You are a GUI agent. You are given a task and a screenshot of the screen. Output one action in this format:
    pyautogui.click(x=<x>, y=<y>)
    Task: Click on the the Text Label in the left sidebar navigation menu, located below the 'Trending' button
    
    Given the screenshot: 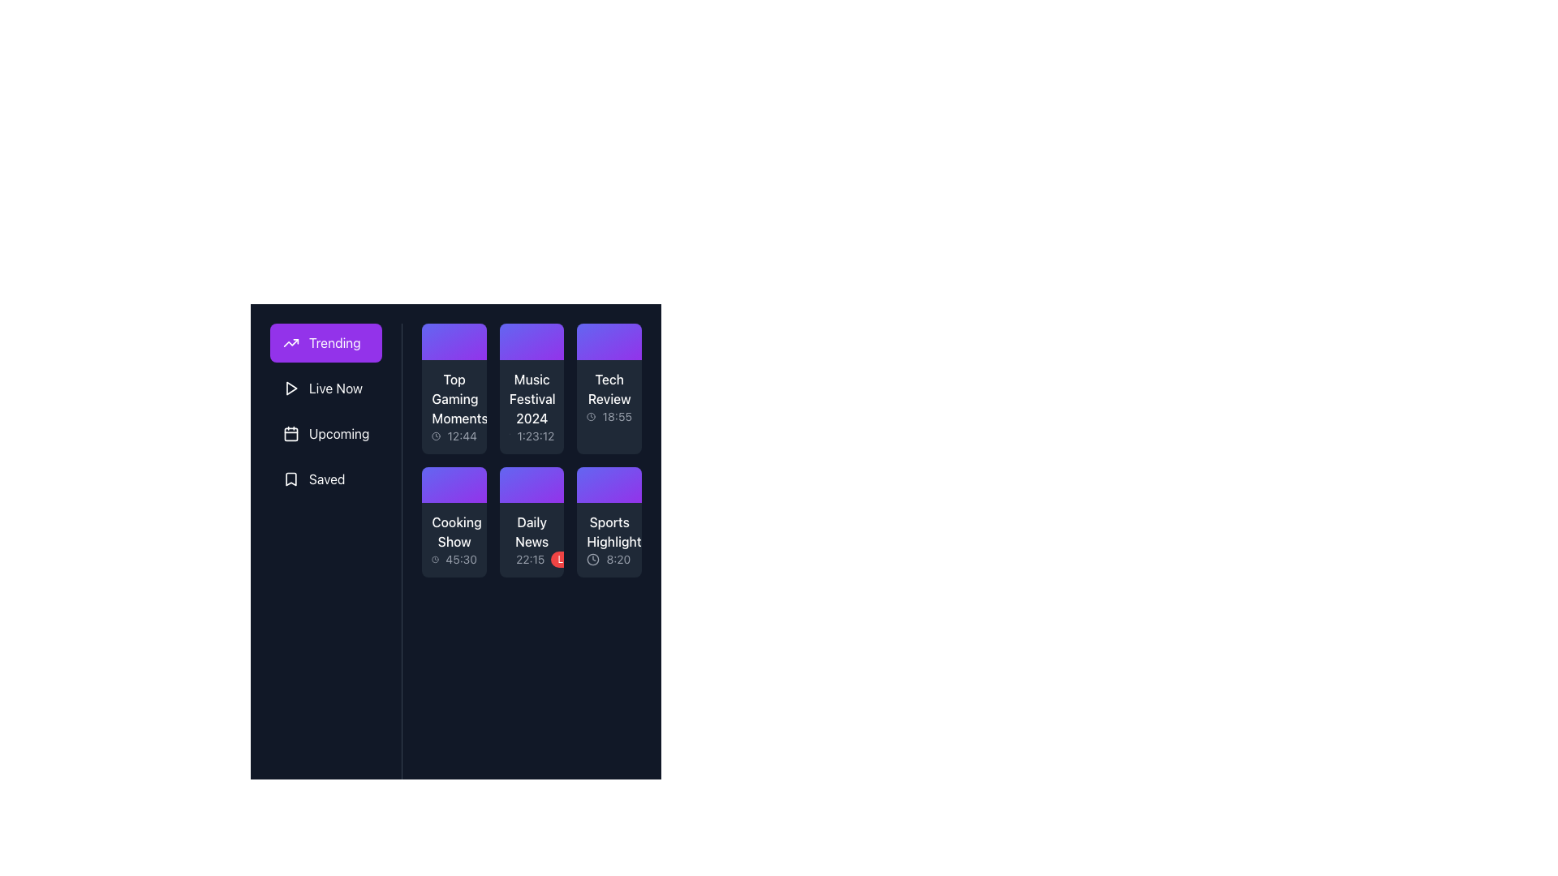 What is the action you would take?
    pyautogui.click(x=334, y=388)
    